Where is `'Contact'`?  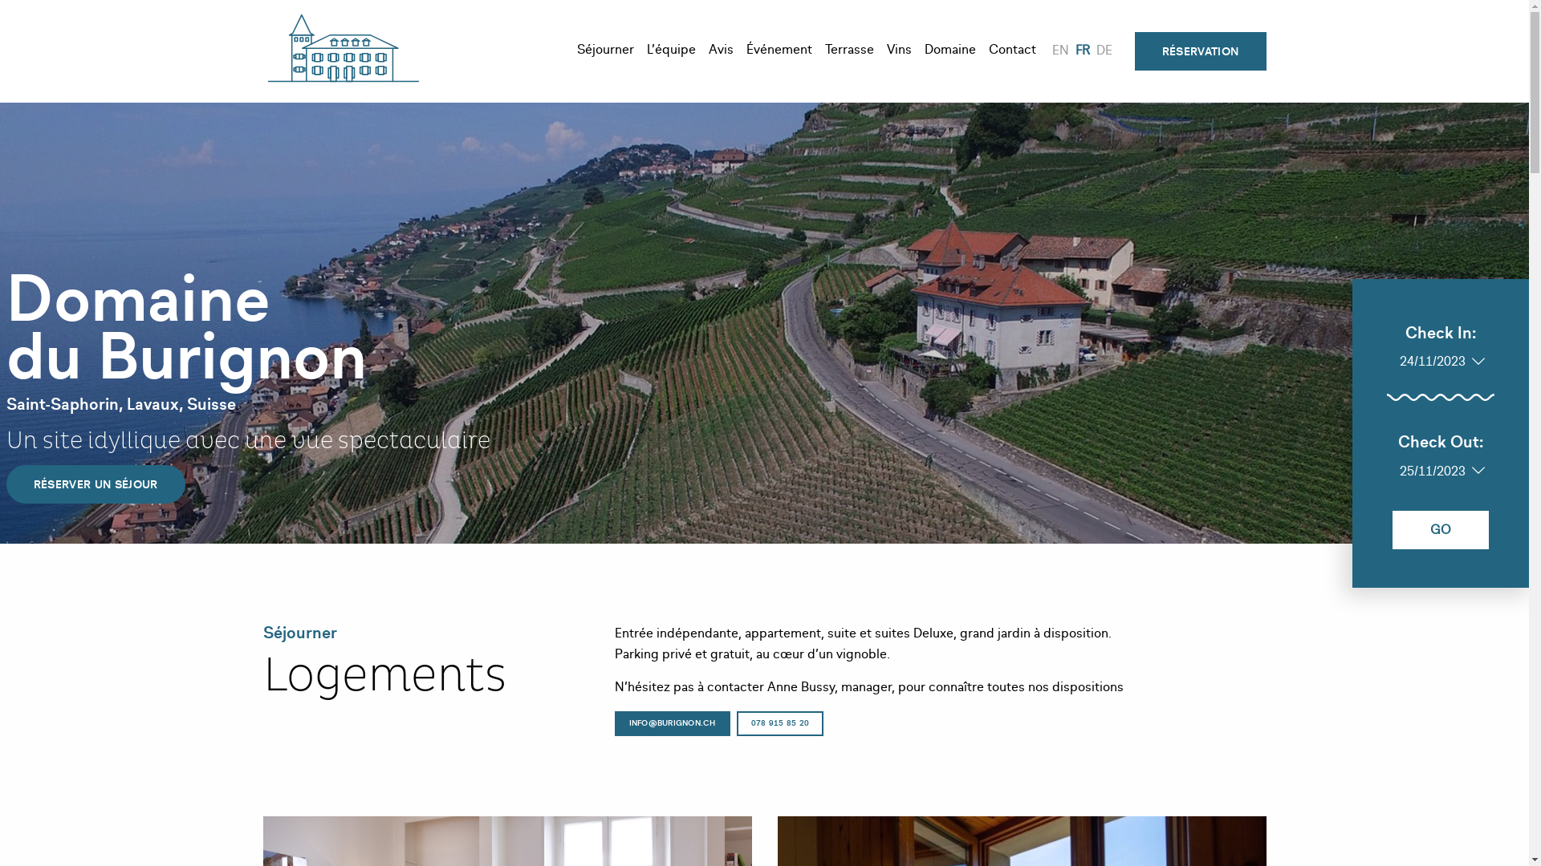
'Contact' is located at coordinates (1011, 51).